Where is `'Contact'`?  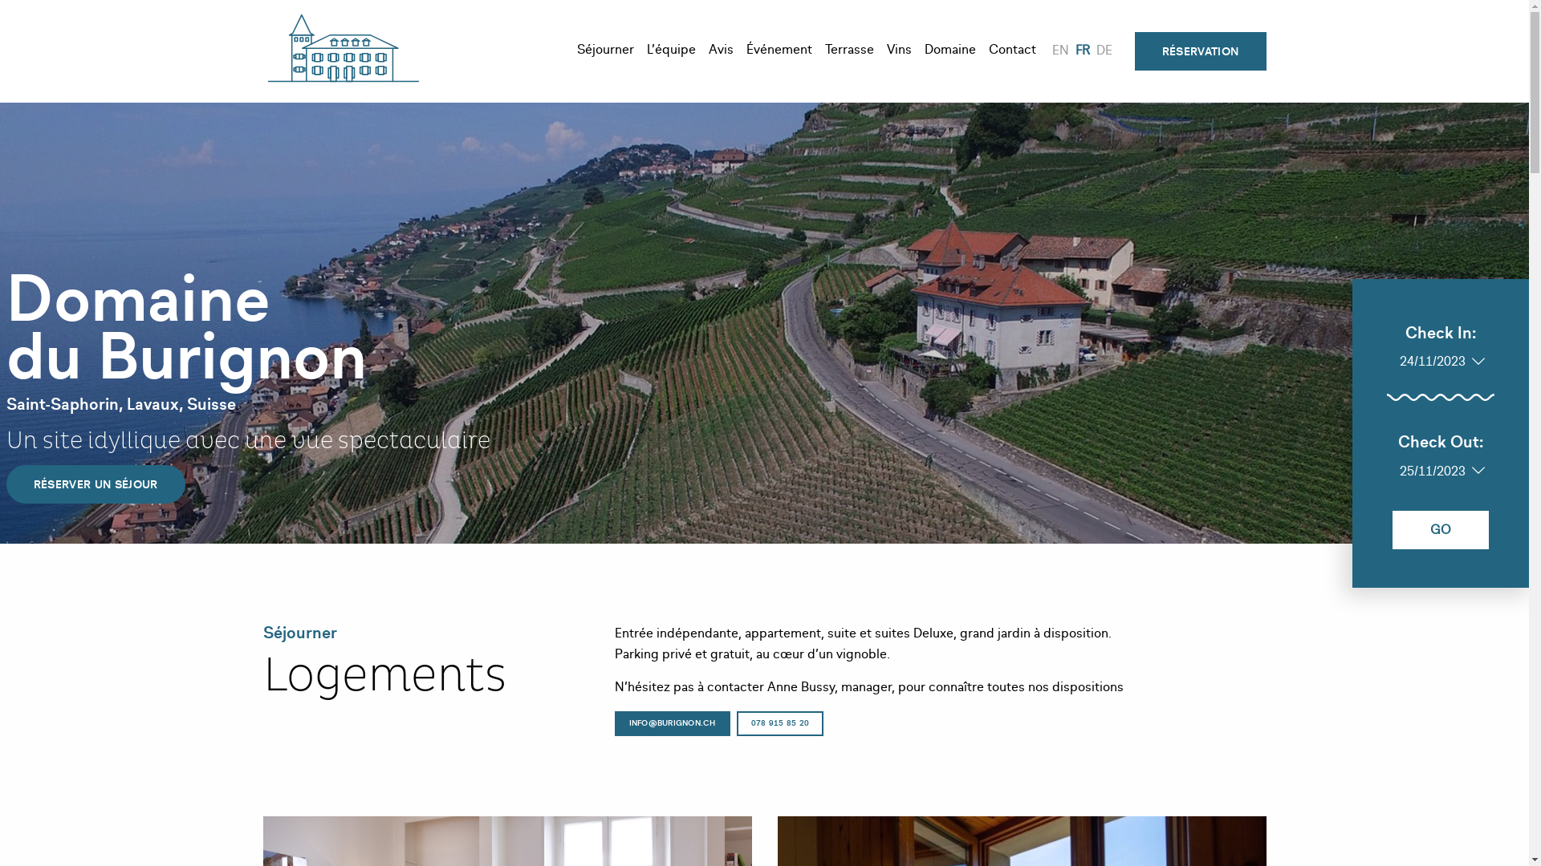
'Contact' is located at coordinates (1011, 51).